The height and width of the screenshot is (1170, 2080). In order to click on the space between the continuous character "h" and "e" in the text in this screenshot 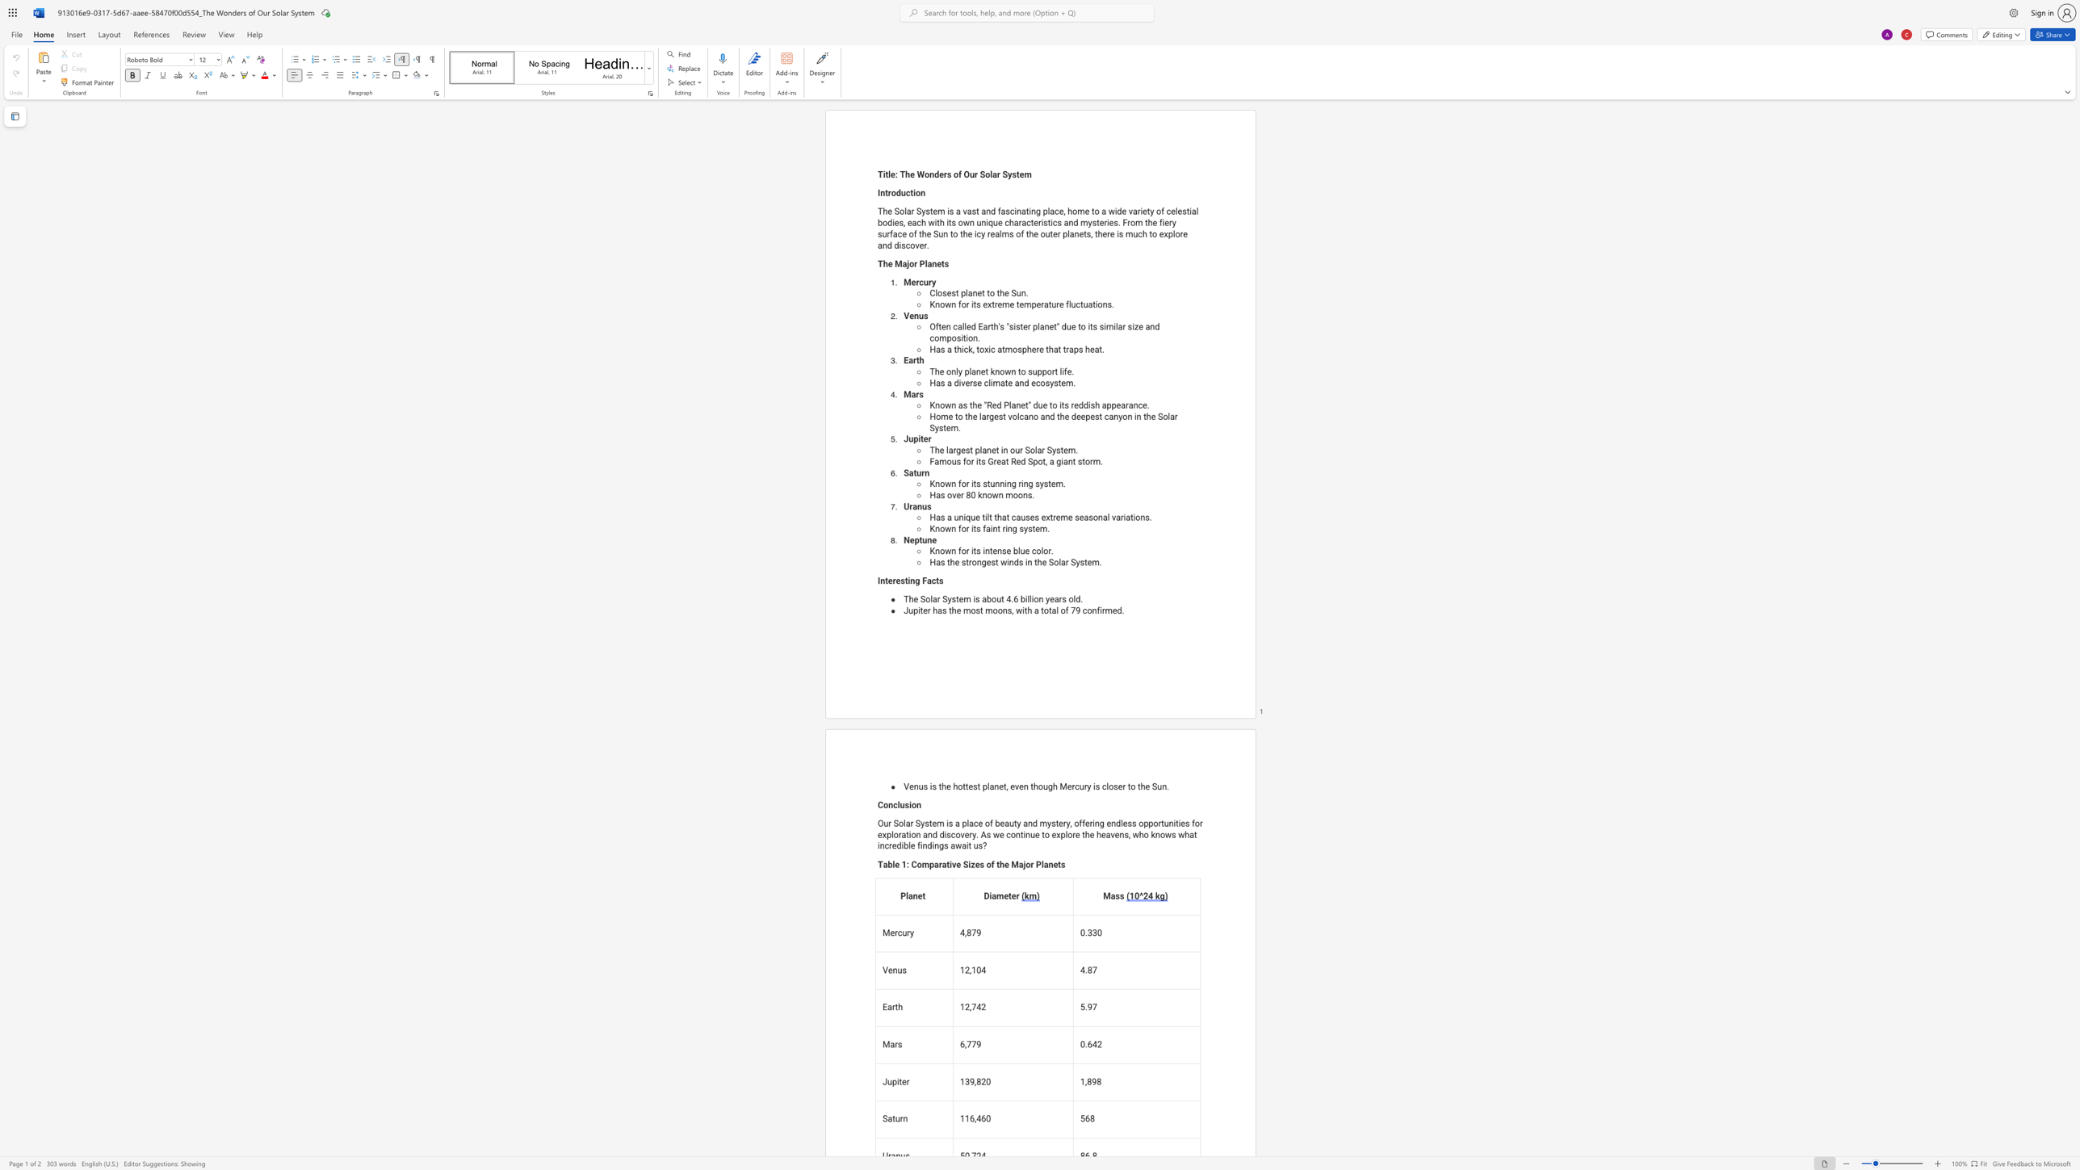, I will do `click(887, 262)`.